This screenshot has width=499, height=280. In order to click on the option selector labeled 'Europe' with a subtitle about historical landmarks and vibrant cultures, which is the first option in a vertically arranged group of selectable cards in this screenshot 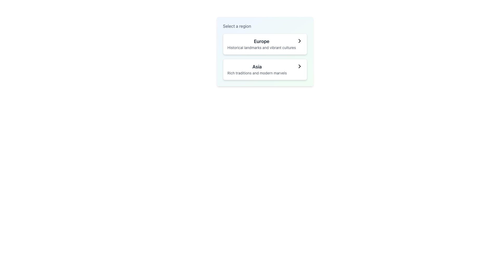, I will do `click(265, 44)`.